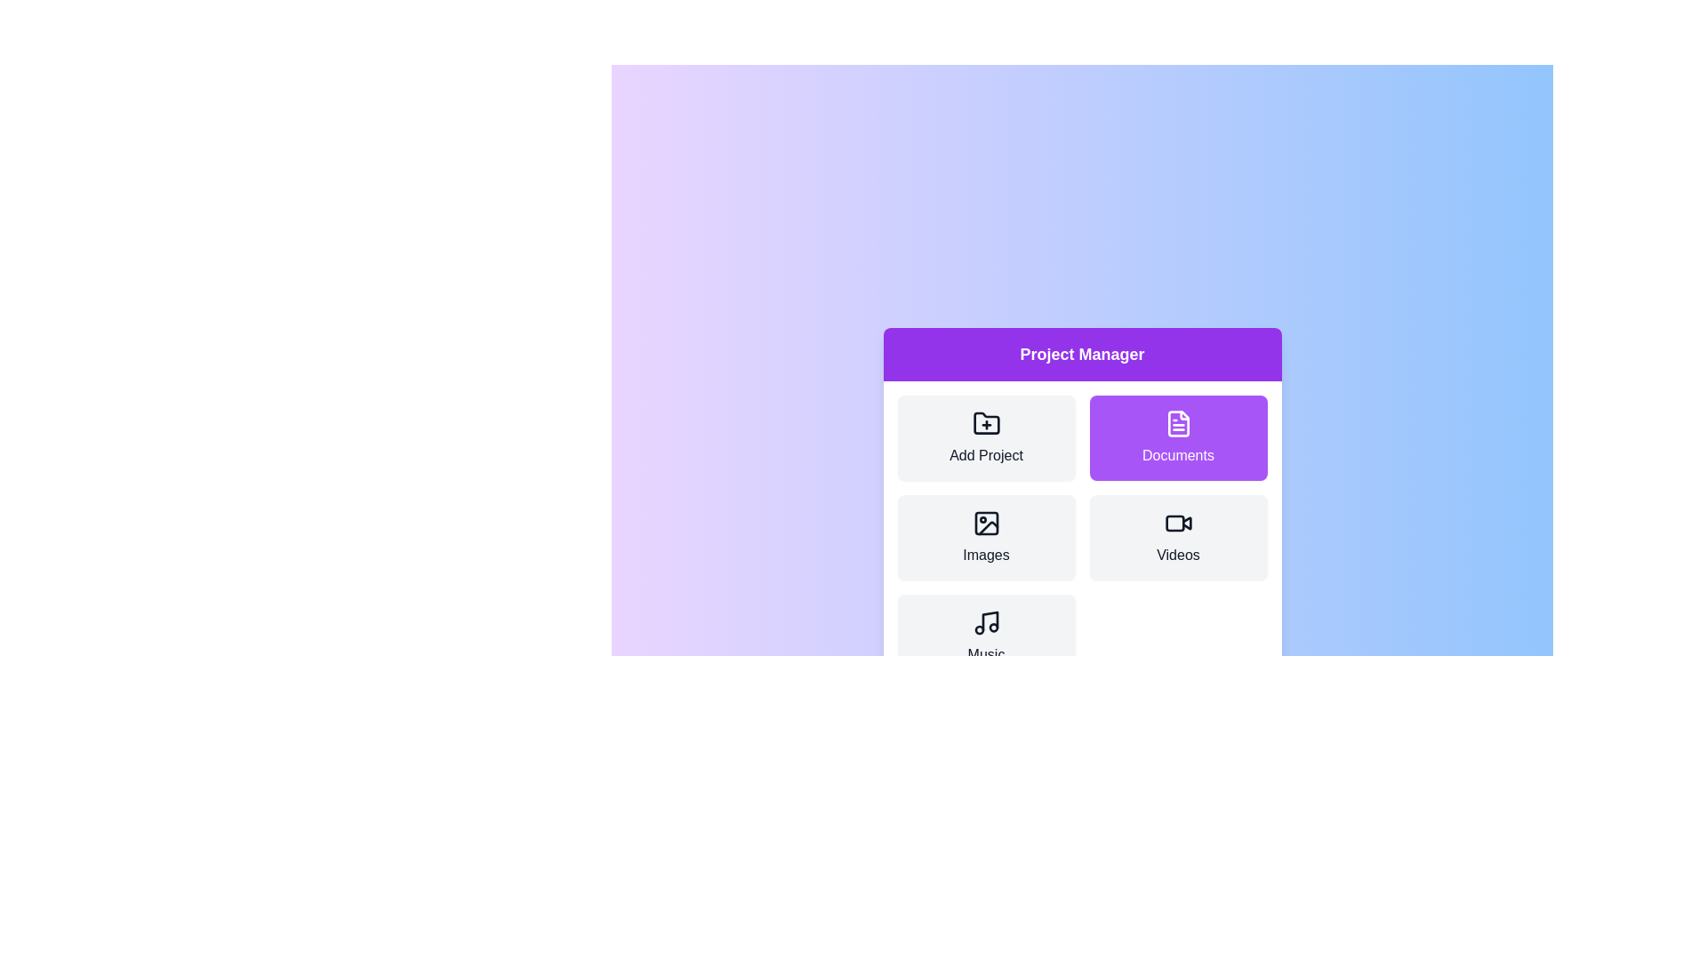 Image resolution: width=1707 pixels, height=960 pixels. I want to click on the category labeled Documents to select it, so click(1178, 438).